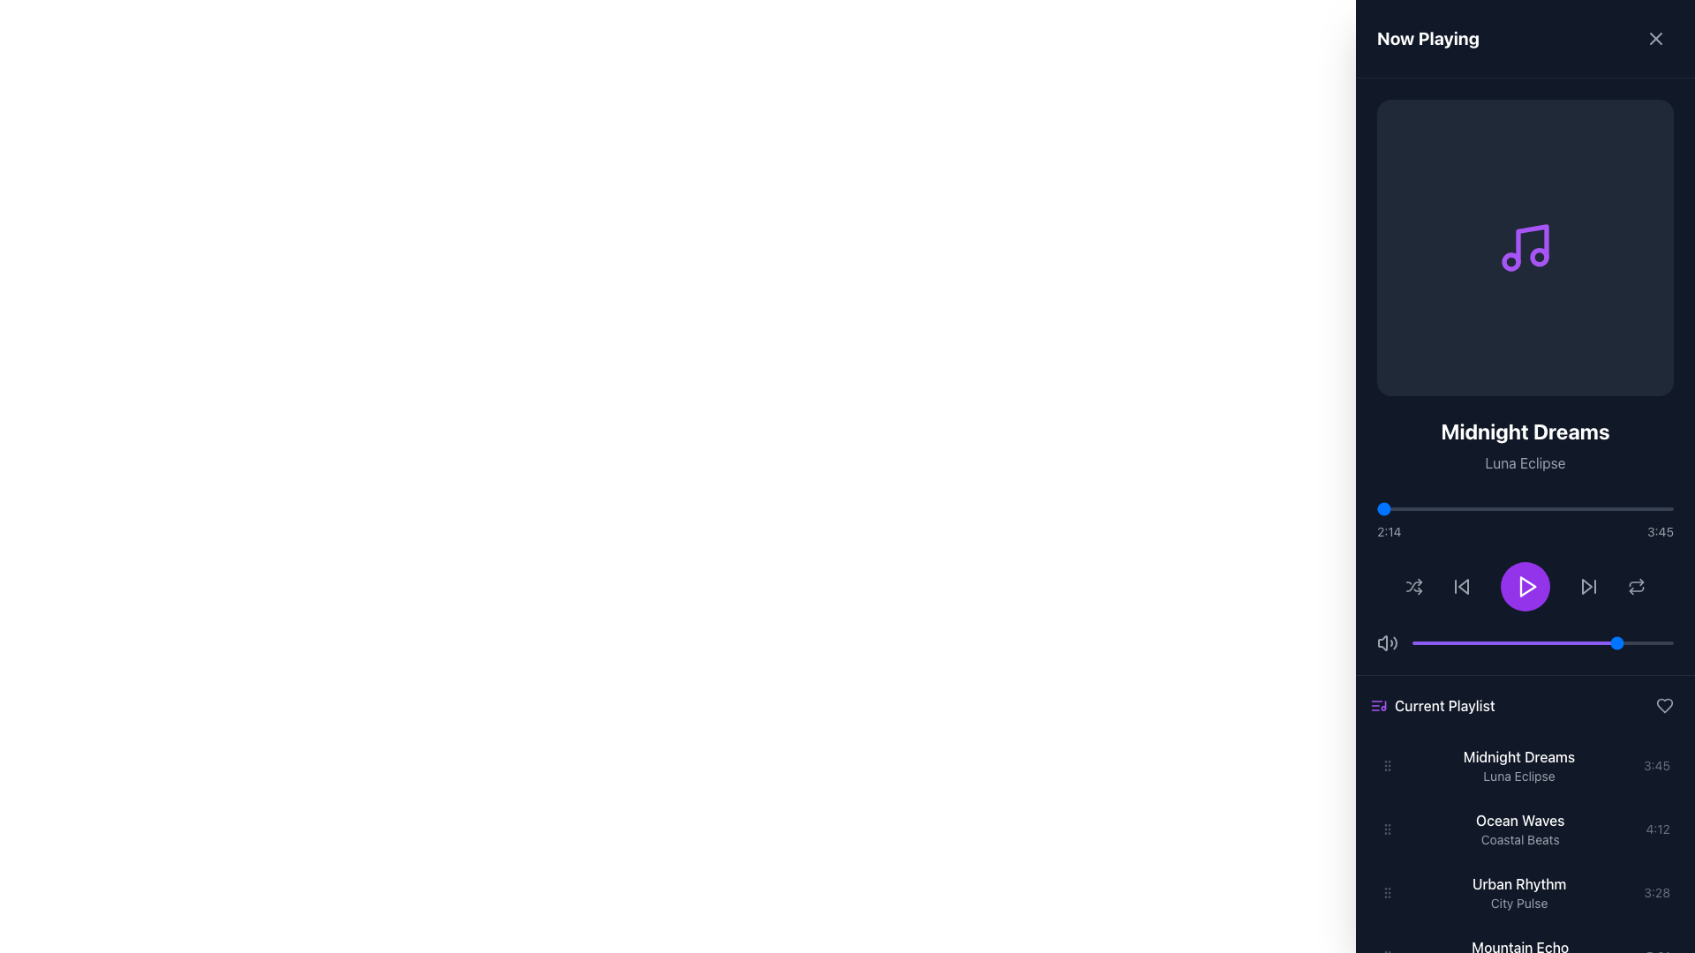  What do you see at coordinates (1525, 461) in the screenshot?
I see `the text label displaying 'Luna Eclipse', which is styled in light gray on a dark background and is located beneath 'Midnight Dreams'` at bounding box center [1525, 461].